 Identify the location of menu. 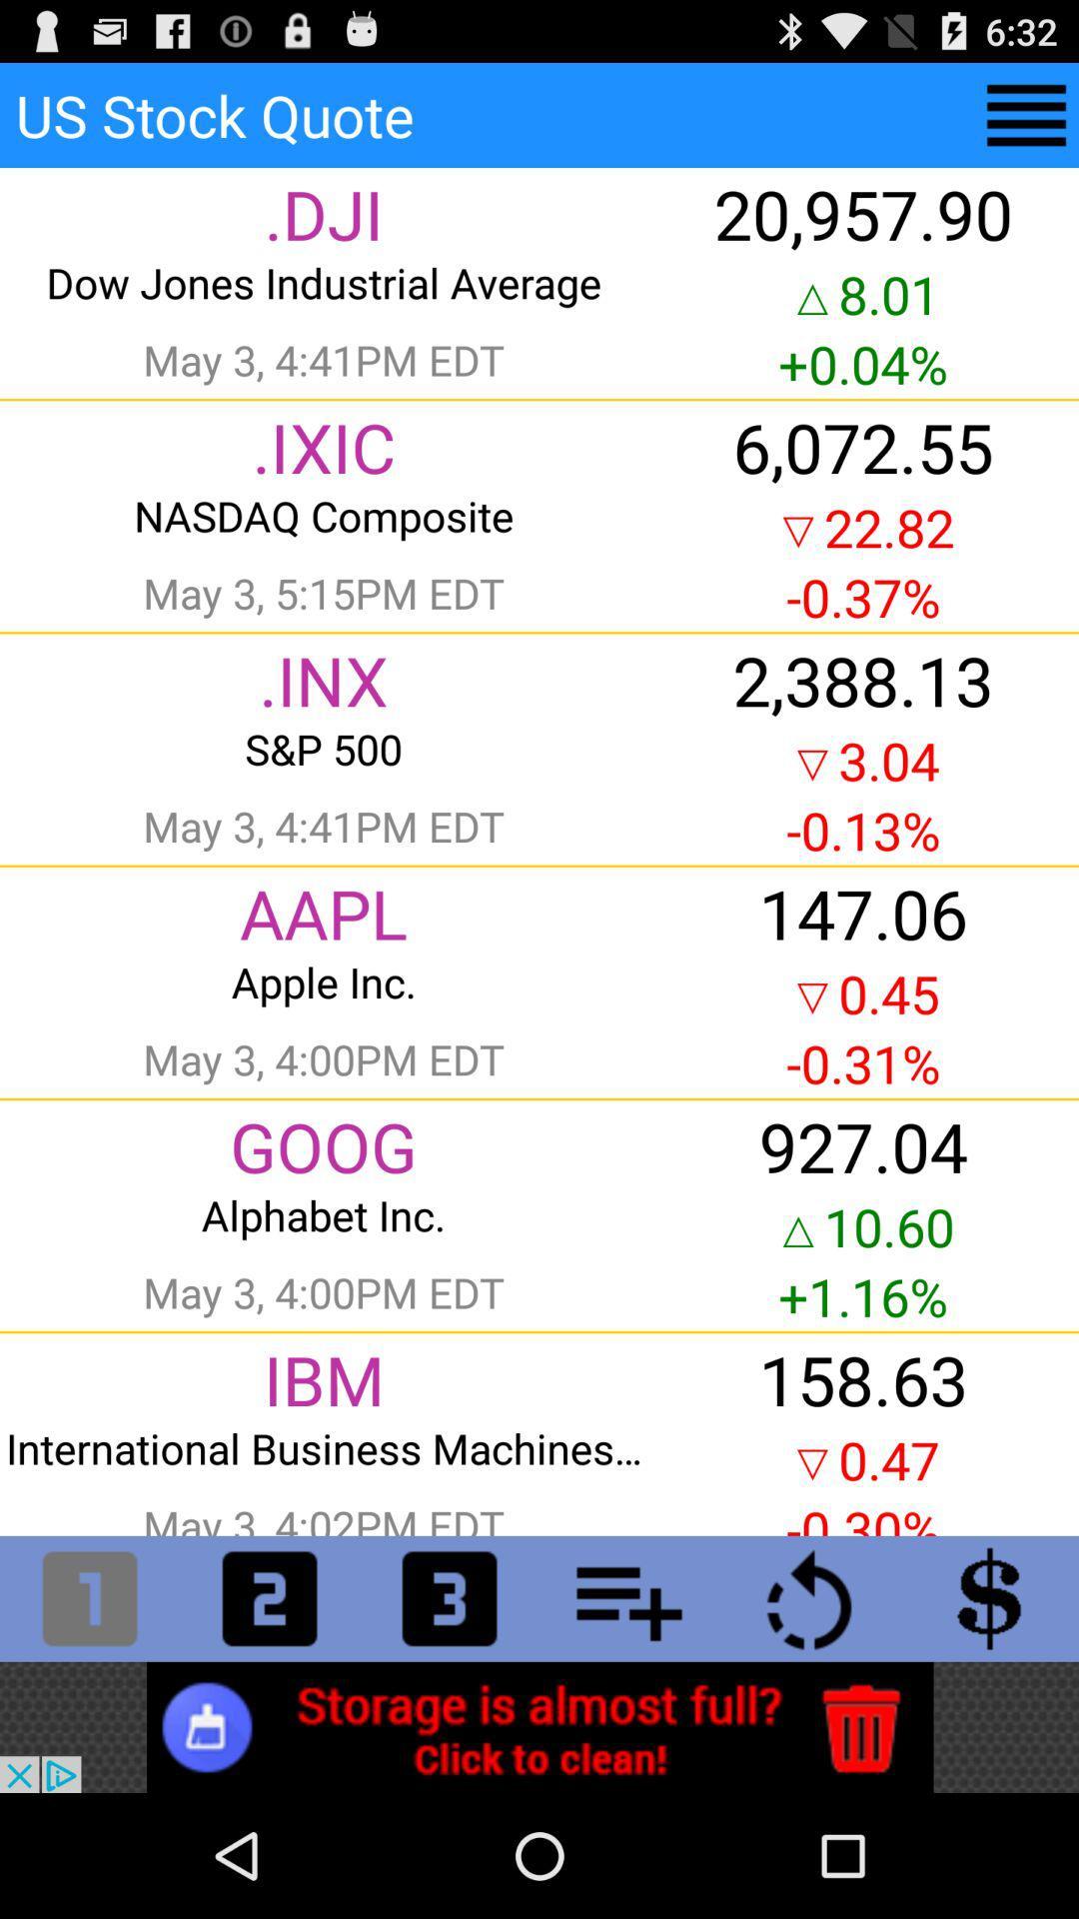
(1026, 114).